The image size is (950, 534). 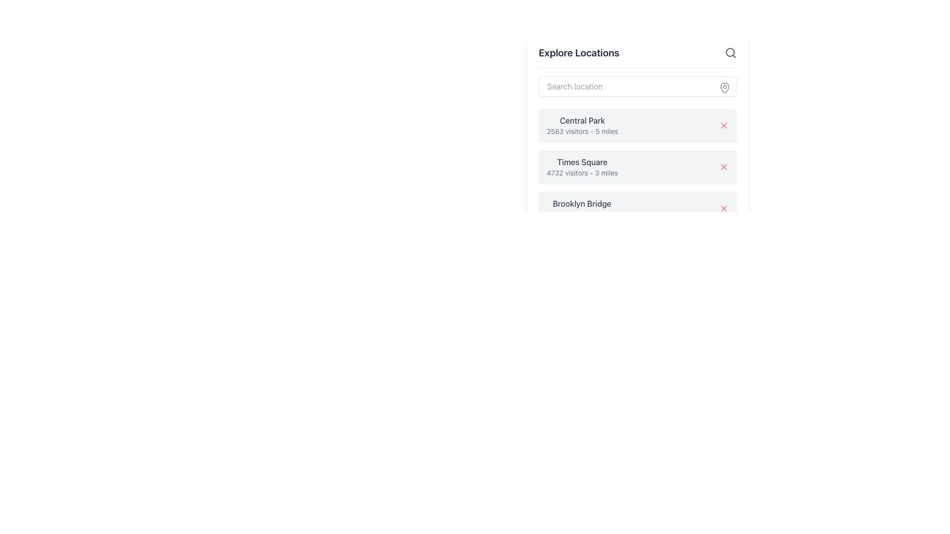 I want to click on the decorative map pin icon located in the upper-right corner of the 'Search location' input field, so click(x=724, y=87).